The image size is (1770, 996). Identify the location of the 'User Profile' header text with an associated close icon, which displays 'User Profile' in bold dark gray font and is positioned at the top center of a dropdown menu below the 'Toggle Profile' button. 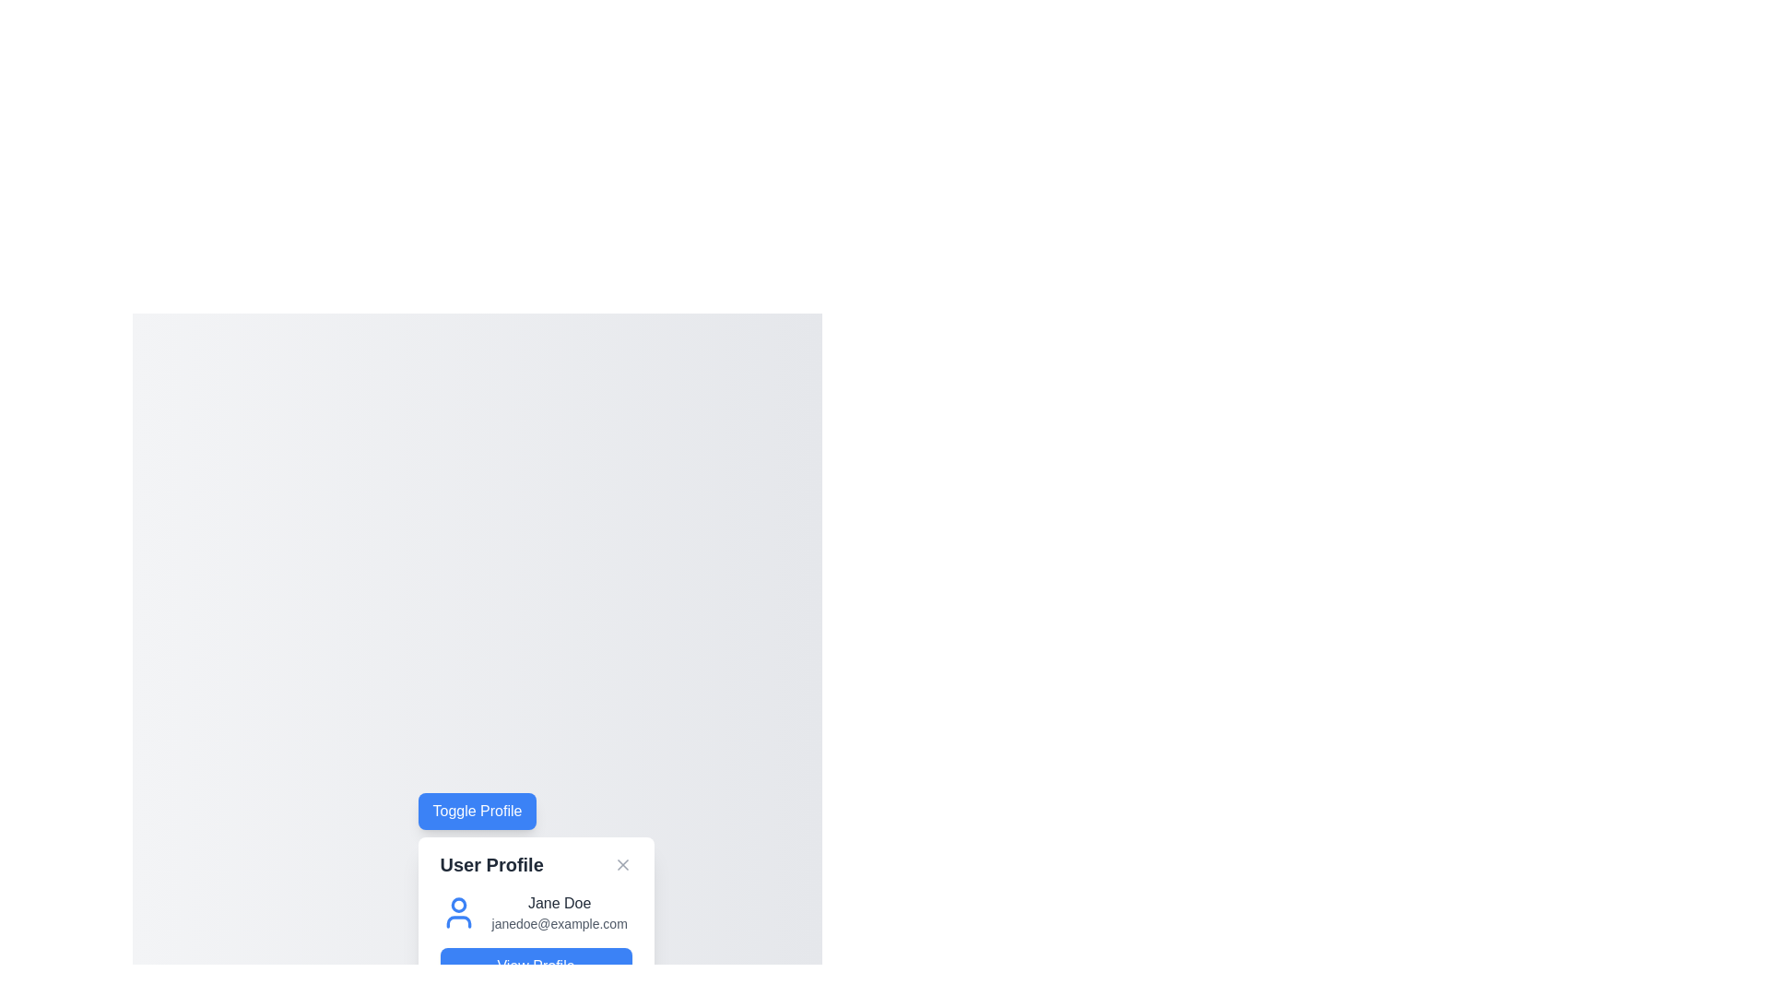
(535, 864).